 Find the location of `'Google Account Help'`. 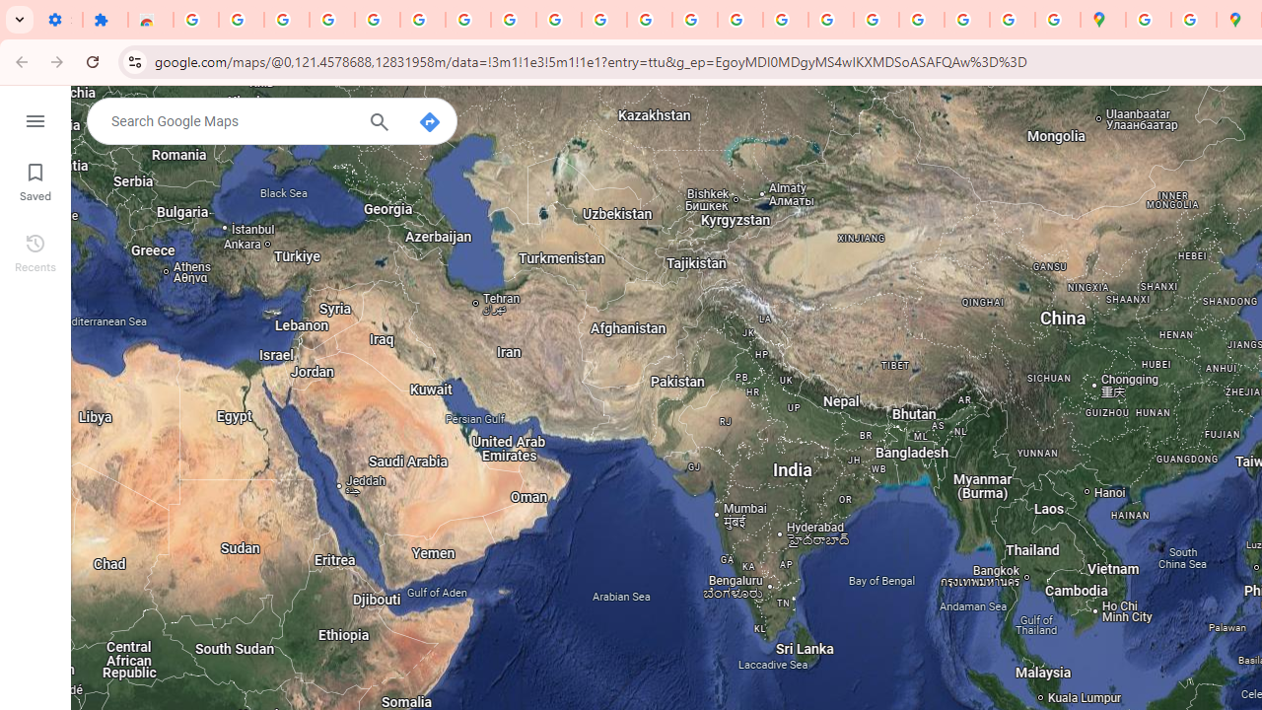

'Google Account Help' is located at coordinates (466, 20).